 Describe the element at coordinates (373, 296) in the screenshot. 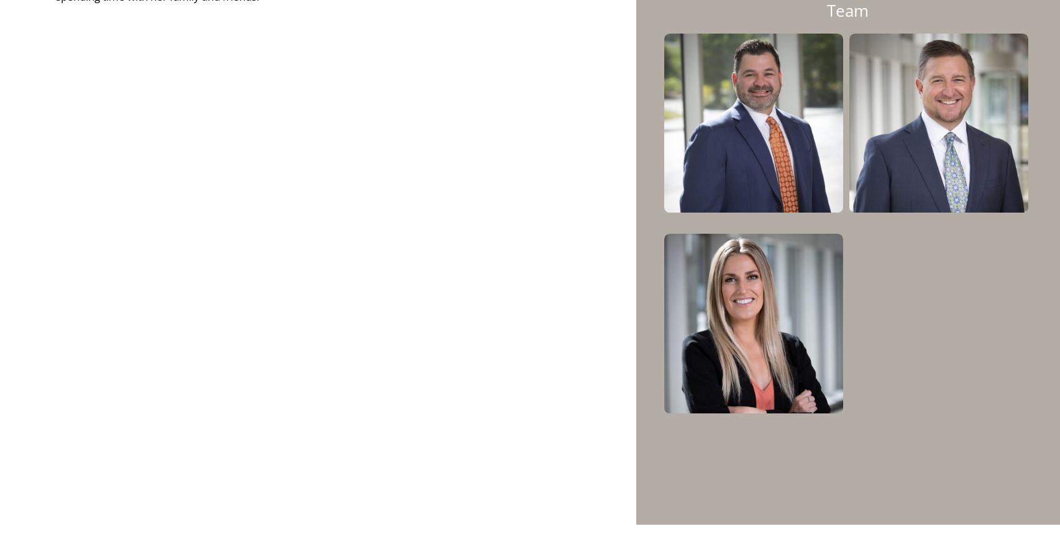

I see `'The annual Advancement of Women Award is given to workplaces which demonstrate a culture of advancement for female employees. Since the firm’s founding in 2009, Krilogy® has focused on building a team that encompasses a variety of perspectives and experiences. Krilogy® President and CEO, Kent Skornia, believes that “a broad base of perspectives allows us to be the best version of ourselves possible. To accomplish this, we’ve taken a serious and deliberate approach to diversity and inclusion, managing the recruitment process as an educational endeavor to advance the profession to a broader spectrum of women.”'` at that location.